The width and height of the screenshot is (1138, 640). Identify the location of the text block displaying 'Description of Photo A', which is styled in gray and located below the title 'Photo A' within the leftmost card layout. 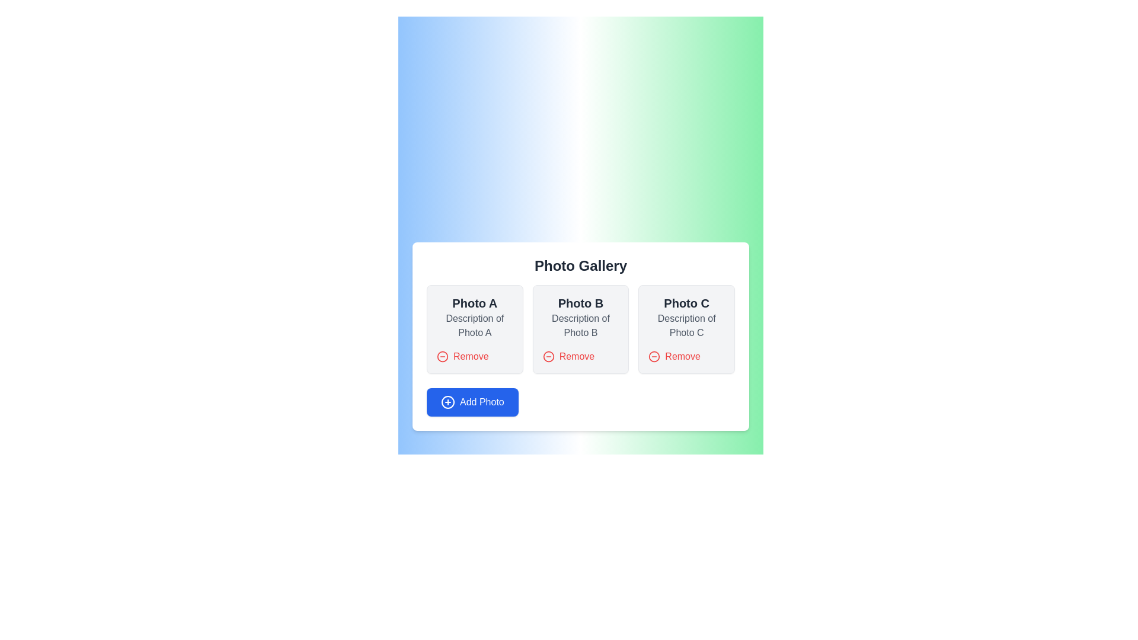
(475, 326).